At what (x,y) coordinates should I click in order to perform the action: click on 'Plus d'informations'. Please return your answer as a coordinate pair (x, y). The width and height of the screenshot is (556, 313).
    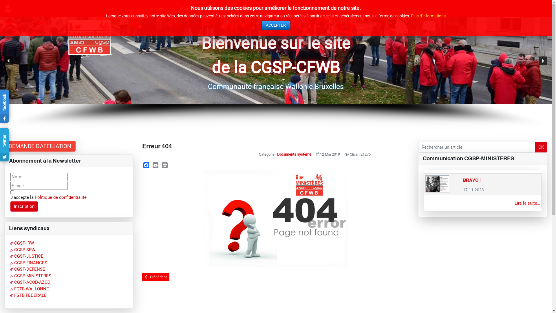
    Looking at the image, I should click on (411, 15).